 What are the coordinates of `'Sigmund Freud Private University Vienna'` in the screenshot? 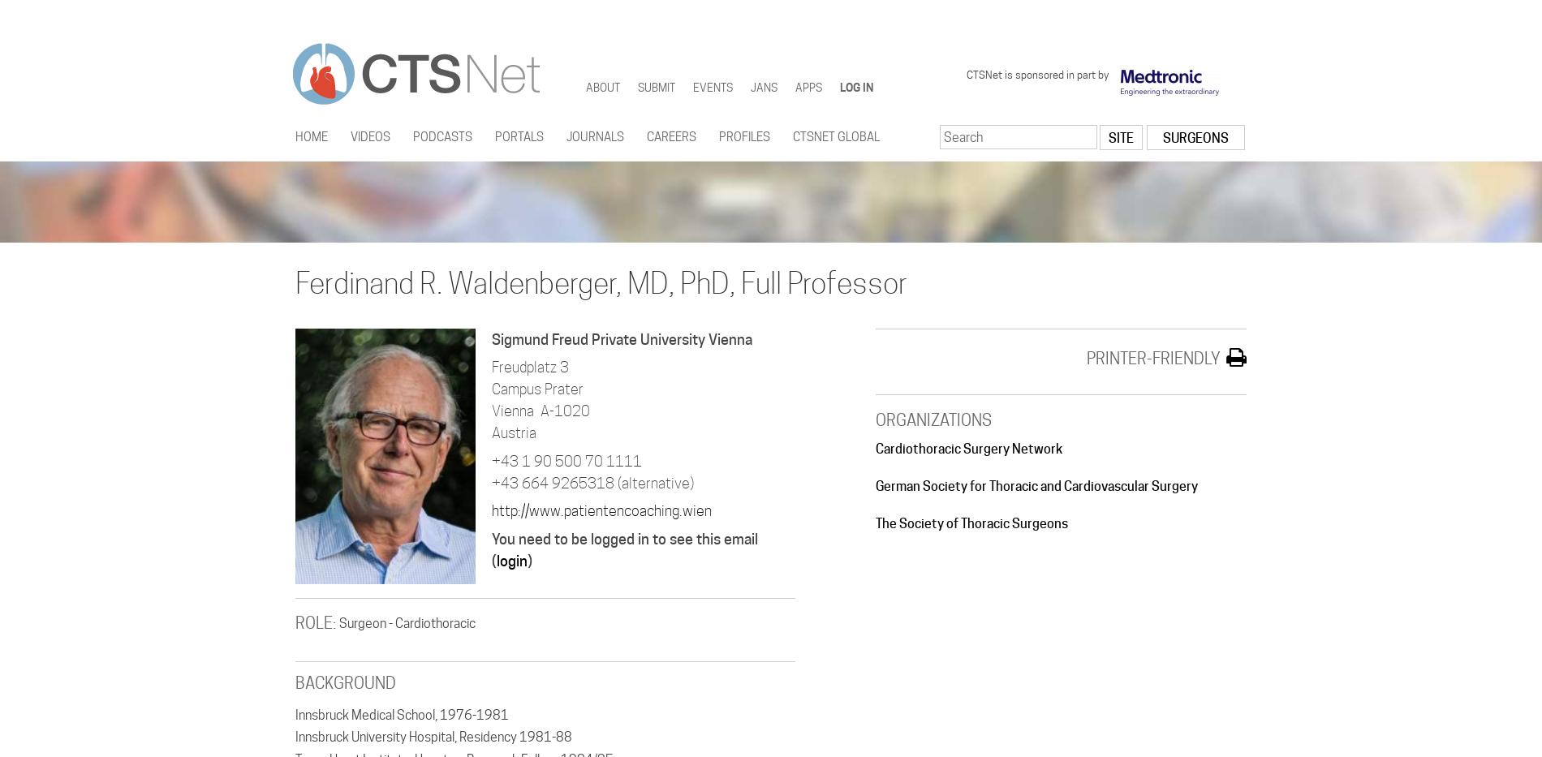 It's located at (621, 338).